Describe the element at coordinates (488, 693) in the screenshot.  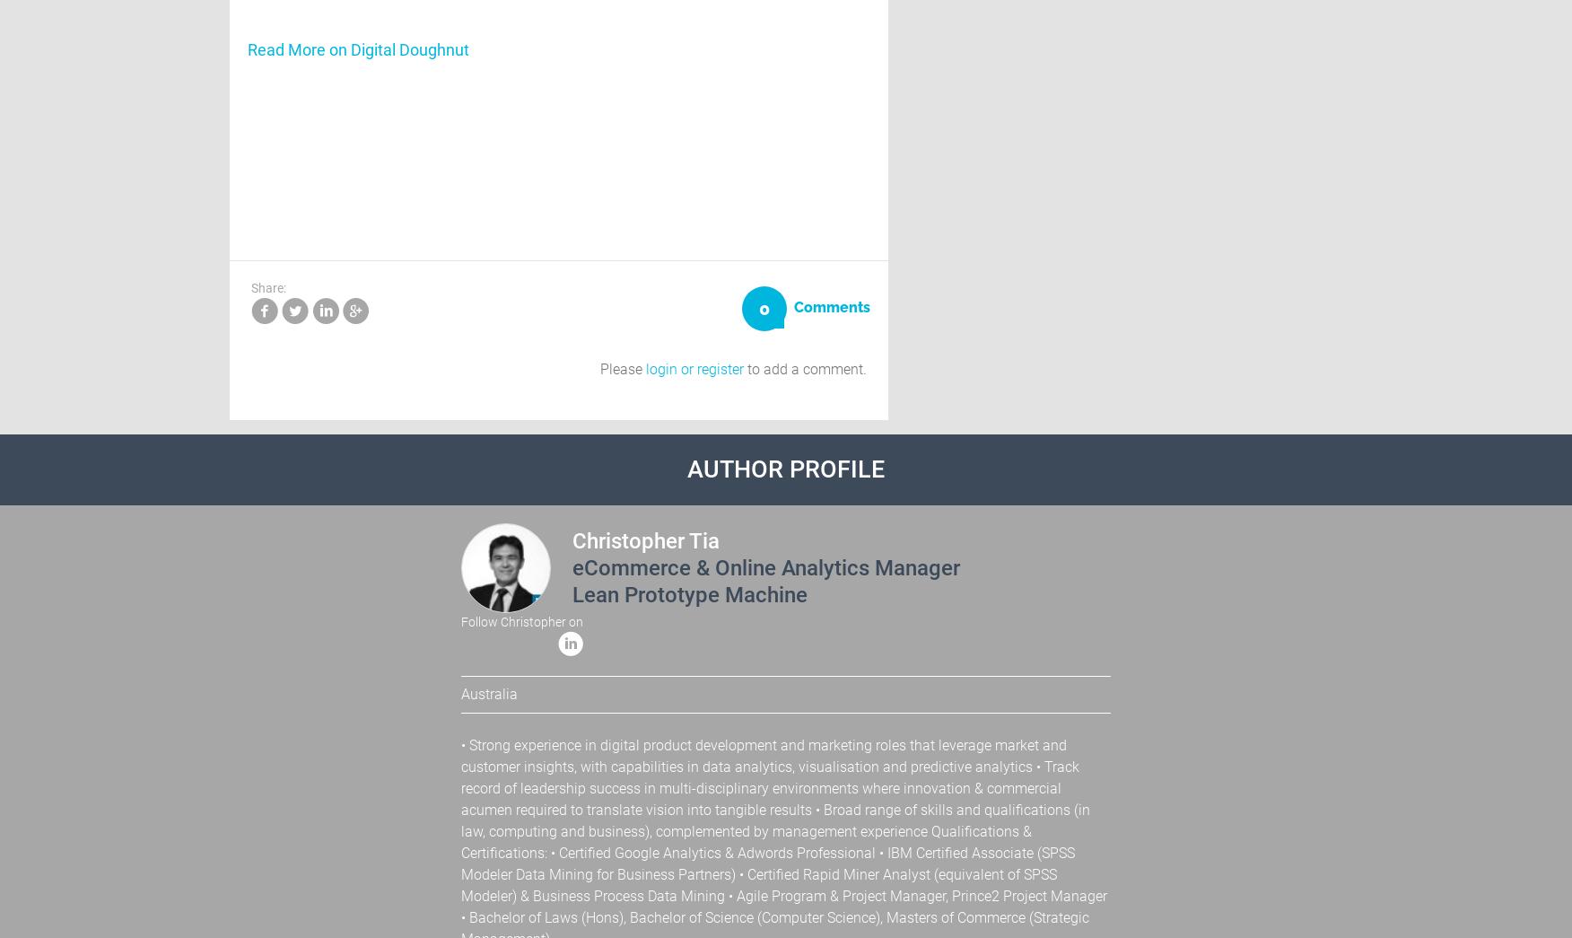
I see `'Australia'` at that location.